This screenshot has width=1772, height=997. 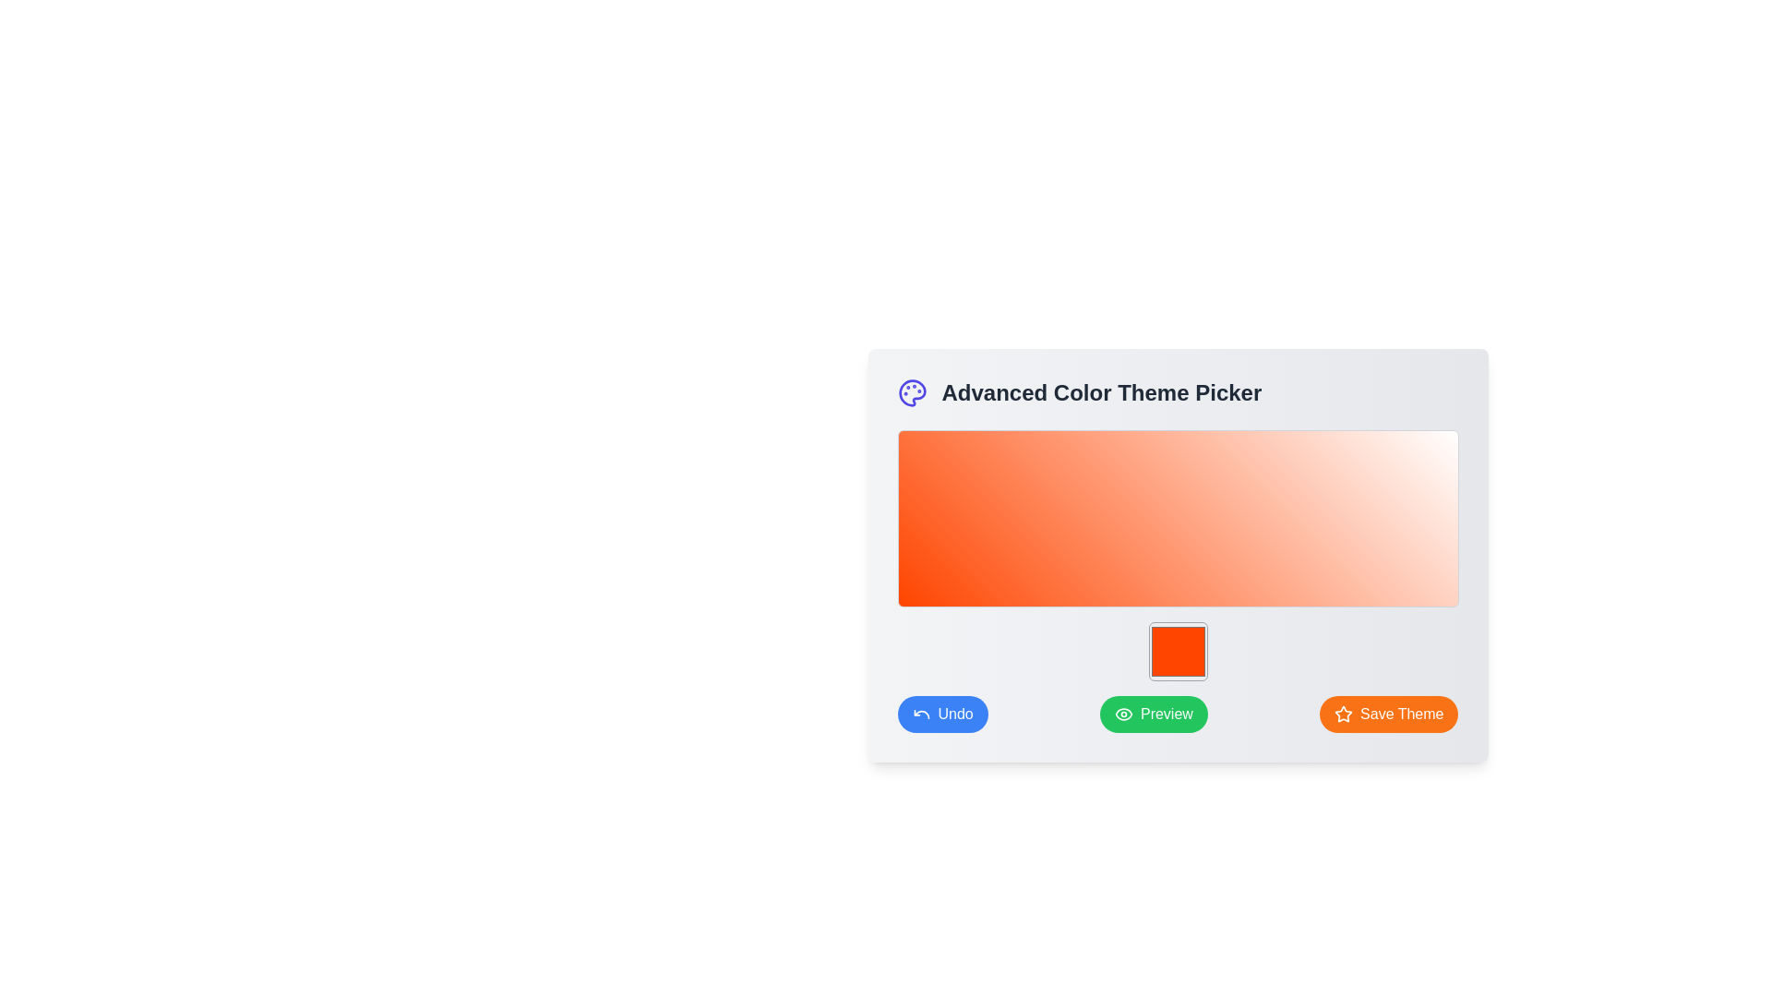 I want to click on the decorative palette icon located in the top-left corner of the interface, adjacent to the text 'Advanced Color Theme Picker'. This icon serves as the unique representation for the color theme selection section, so click(x=912, y=391).